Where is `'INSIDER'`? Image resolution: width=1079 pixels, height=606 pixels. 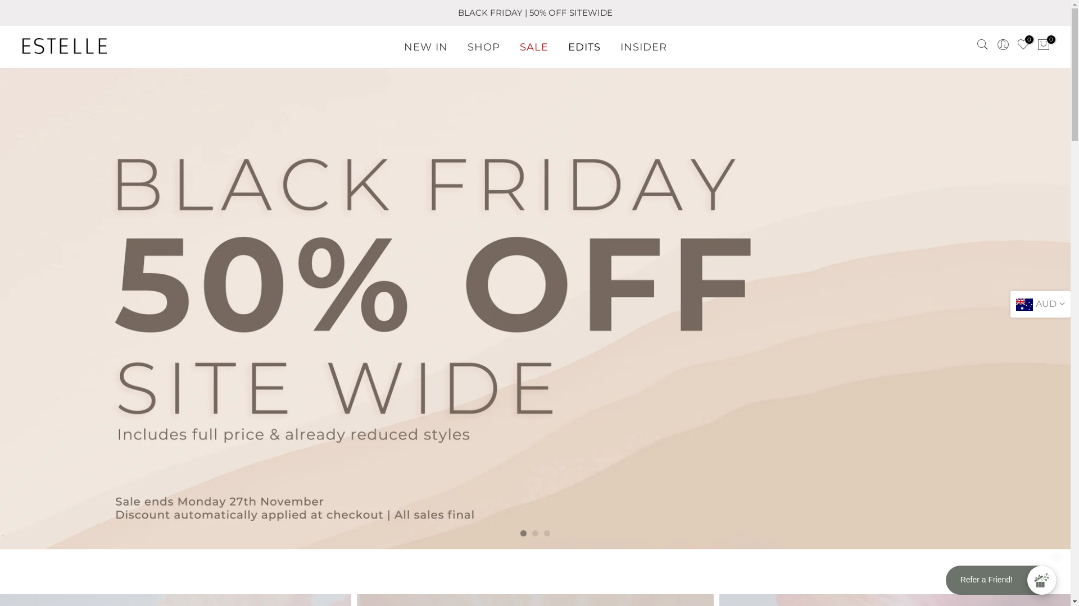 'INSIDER' is located at coordinates (643, 46).